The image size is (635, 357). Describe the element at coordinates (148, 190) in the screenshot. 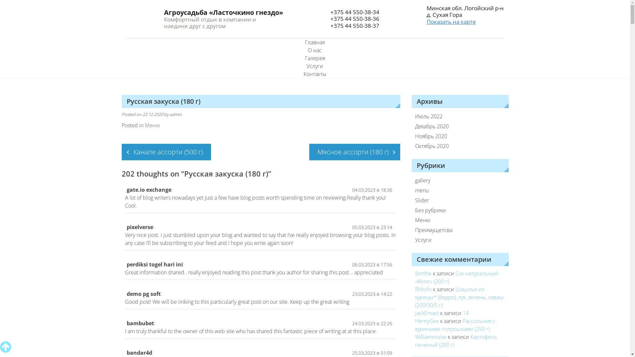

I see `'gate.io exchange'` at that location.